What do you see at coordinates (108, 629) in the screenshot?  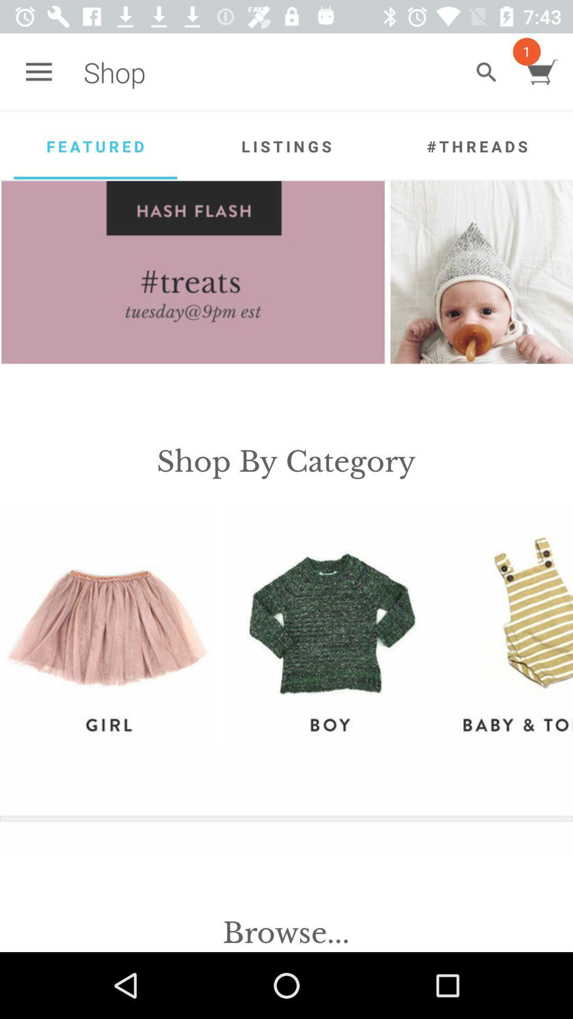 I see `girl category` at bounding box center [108, 629].